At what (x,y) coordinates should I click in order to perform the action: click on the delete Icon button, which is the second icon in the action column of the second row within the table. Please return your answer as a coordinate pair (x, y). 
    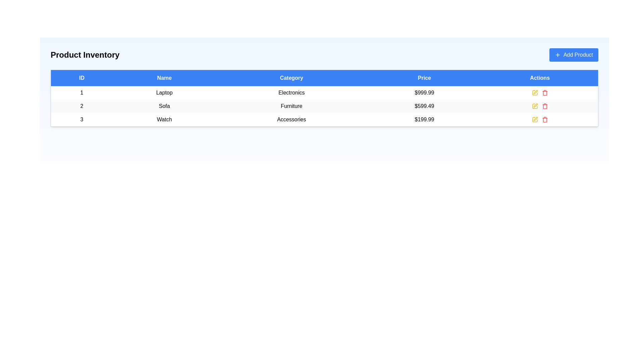
    Looking at the image, I should click on (545, 106).